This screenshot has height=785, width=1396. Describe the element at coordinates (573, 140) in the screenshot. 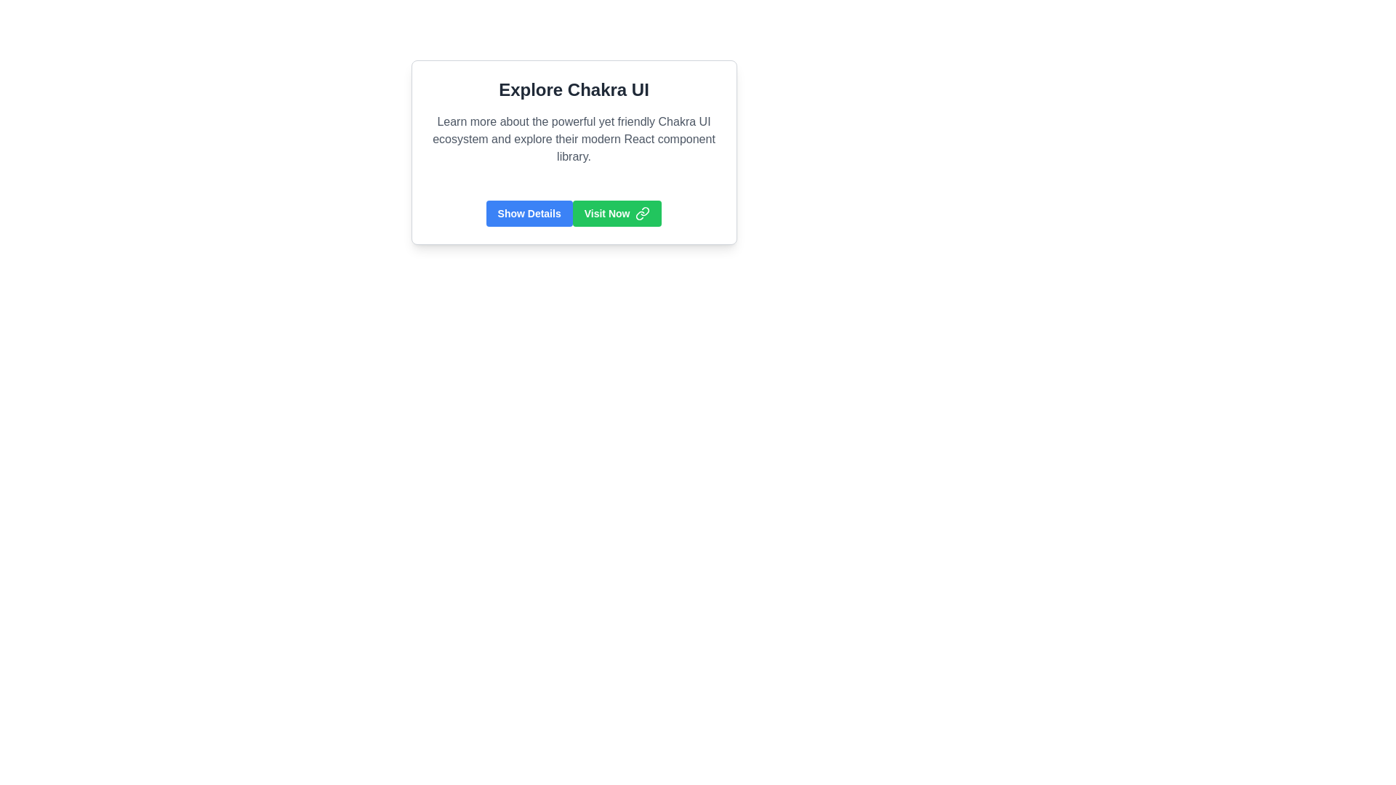

I see `informational text block about the Chakra UI ecosystem located beneath the header 'Explore Chakra UI'` at that location.